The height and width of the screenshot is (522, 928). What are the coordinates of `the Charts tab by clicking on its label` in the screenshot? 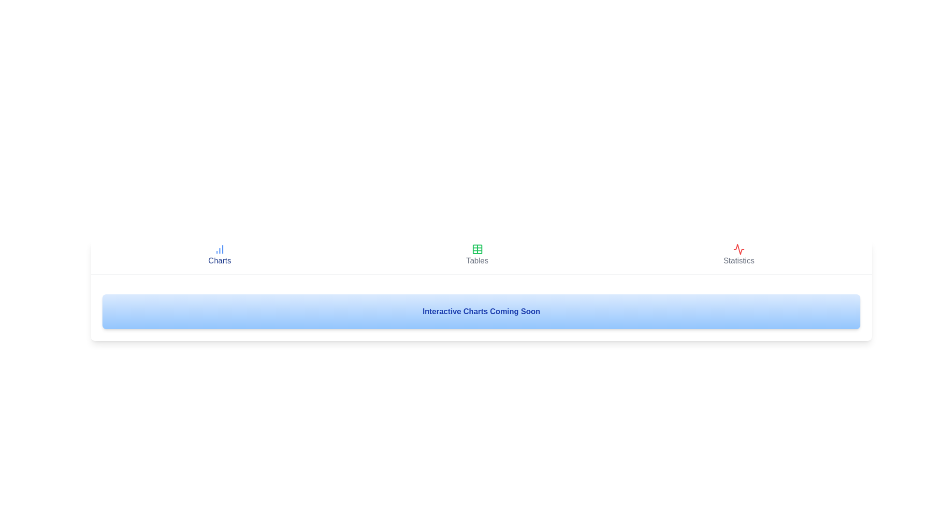 It's located at (219, 255).